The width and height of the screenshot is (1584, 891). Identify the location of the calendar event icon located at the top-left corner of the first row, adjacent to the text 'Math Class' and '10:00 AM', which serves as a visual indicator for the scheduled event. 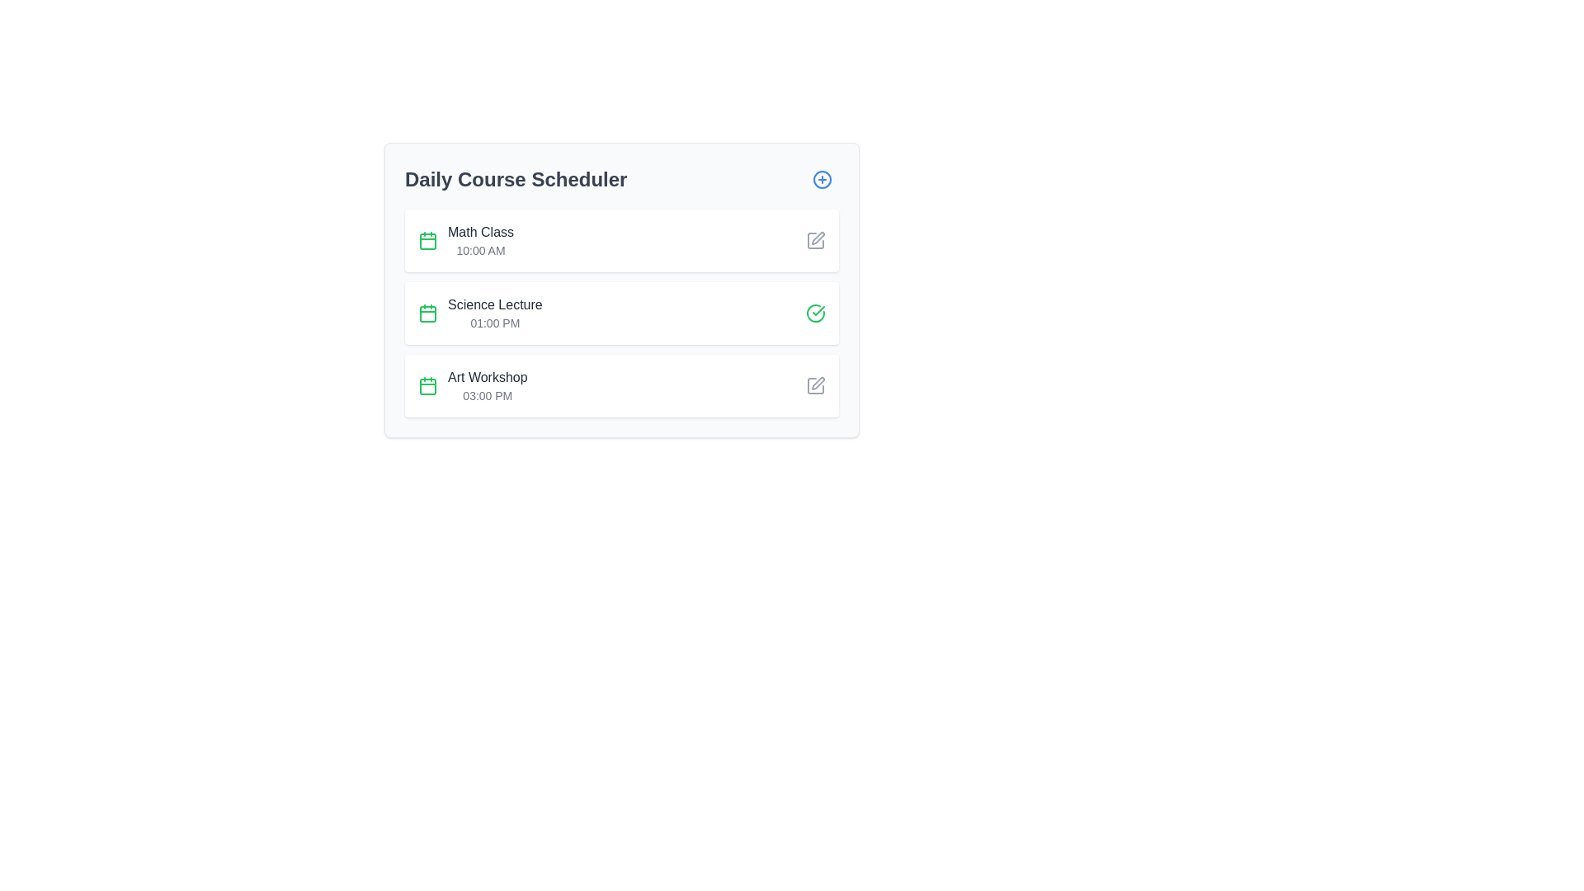
(427, 241).